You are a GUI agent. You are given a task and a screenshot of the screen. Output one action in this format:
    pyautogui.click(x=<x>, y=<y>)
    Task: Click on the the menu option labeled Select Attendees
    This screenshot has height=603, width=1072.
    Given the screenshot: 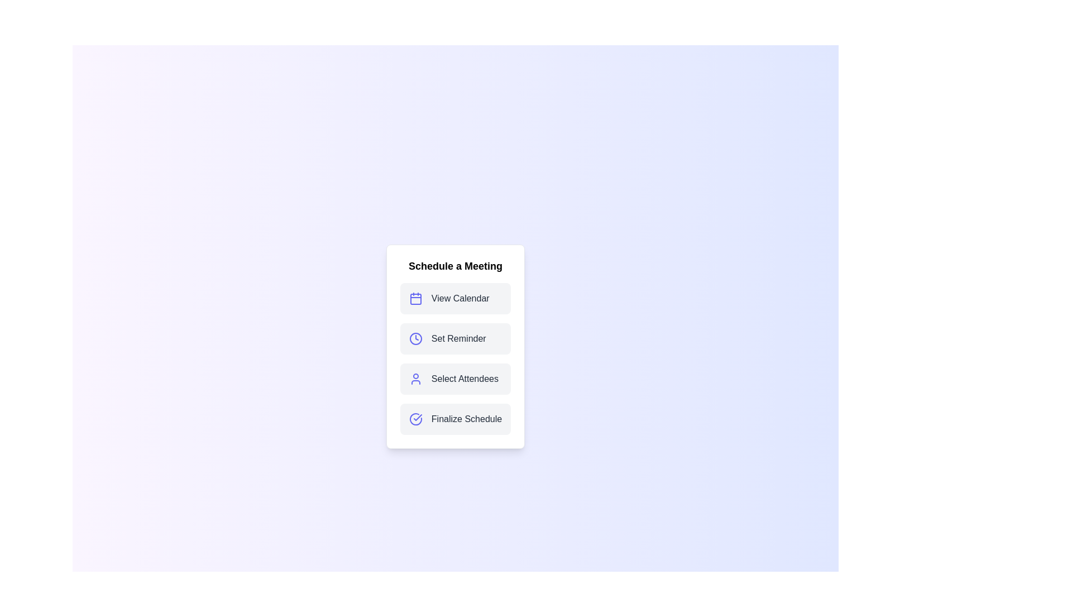 What is the action you would take?
    pyautogui.click(x=456, y=378)
    